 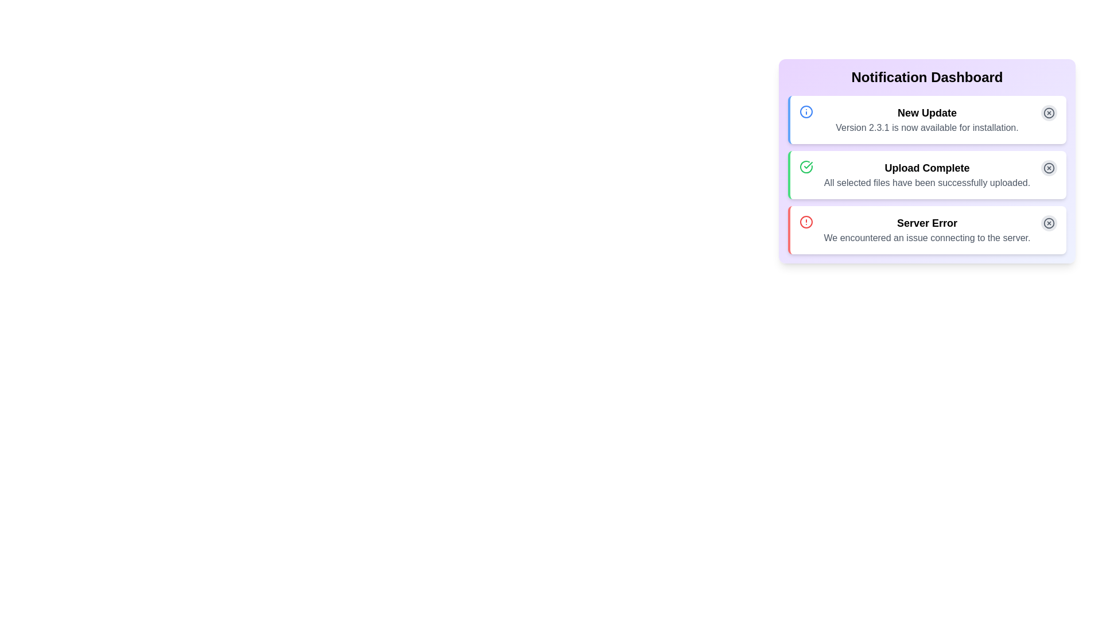 I want to click on the text label indicating successful file upload located near the center of the notification card in the second row of the notification dashboard, so click(x=927, y=168).